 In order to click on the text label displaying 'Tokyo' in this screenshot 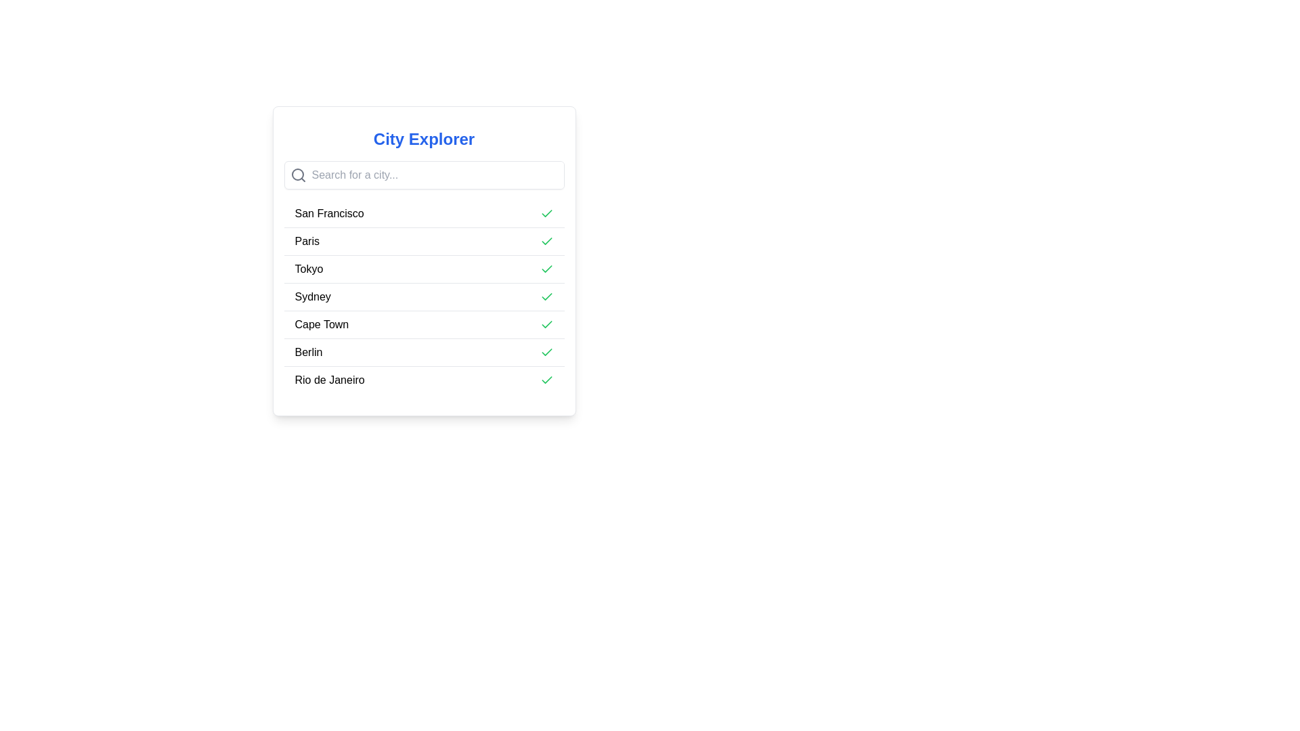, I will do `click(308, 269)`.